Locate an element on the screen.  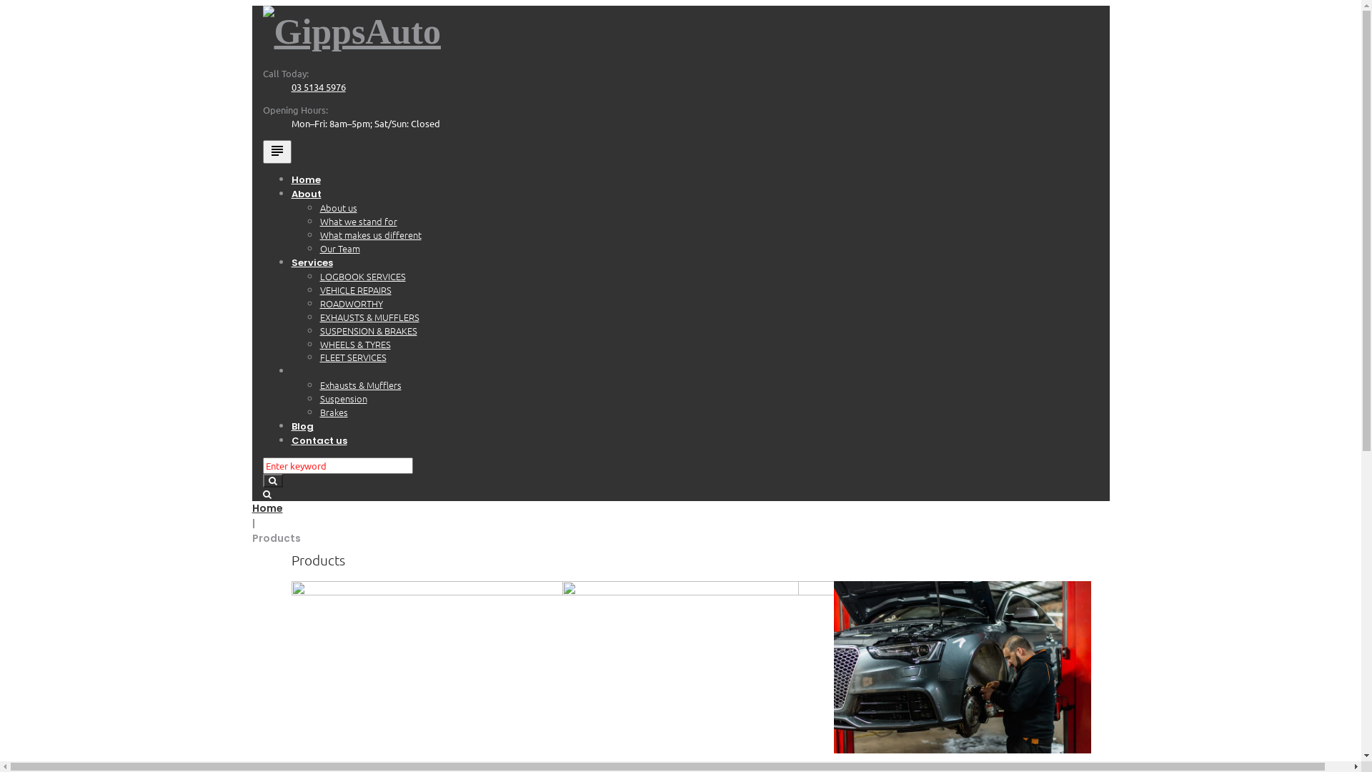
'Suspension' is located at coordinates (343, 398).